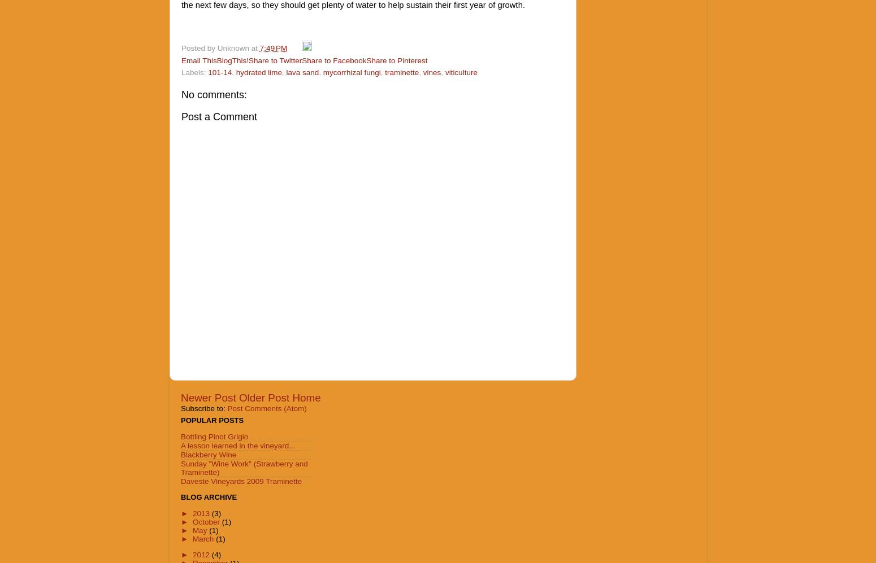 The image size is (876, 563). What do you see at coordinates (214, 435) in the screenshot?
I see `'Bottling Pinot Grigio'` at bounding box center [214, 435].